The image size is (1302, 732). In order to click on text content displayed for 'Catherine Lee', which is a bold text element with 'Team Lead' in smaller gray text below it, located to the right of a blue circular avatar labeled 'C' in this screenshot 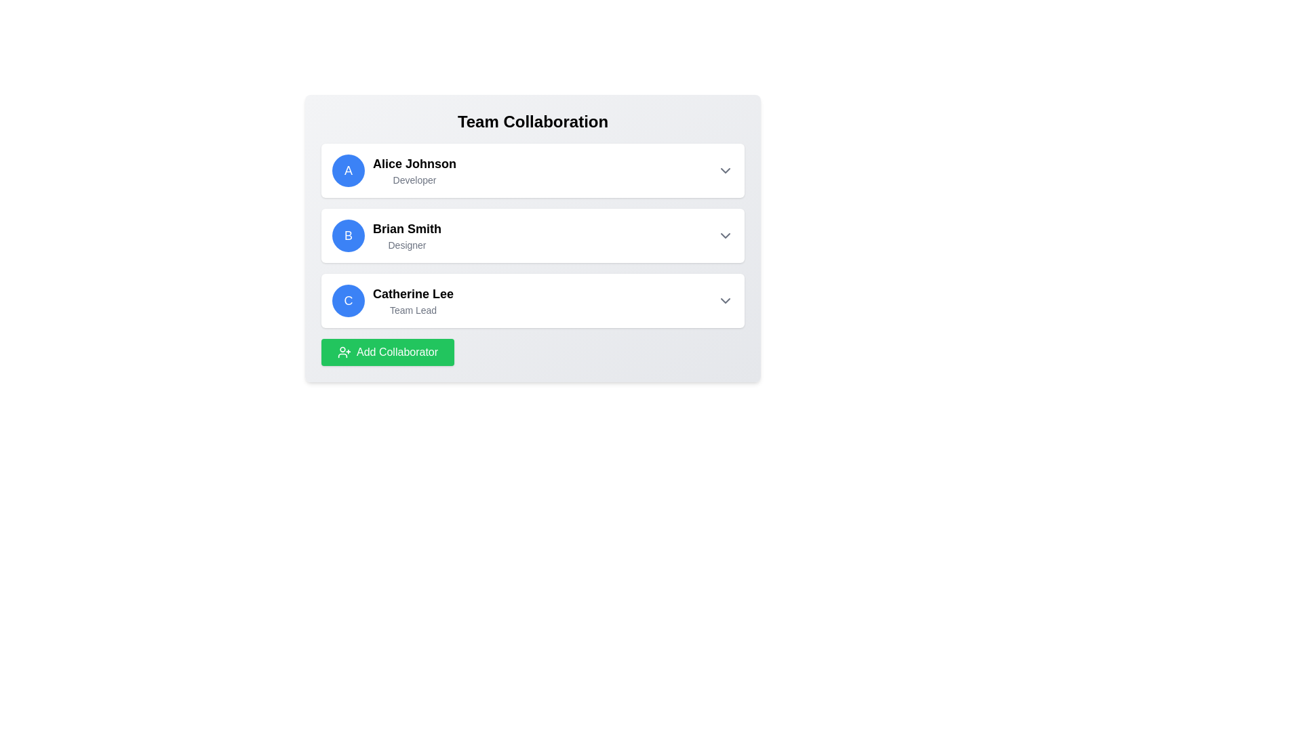, I will do `click(412, 300)`.